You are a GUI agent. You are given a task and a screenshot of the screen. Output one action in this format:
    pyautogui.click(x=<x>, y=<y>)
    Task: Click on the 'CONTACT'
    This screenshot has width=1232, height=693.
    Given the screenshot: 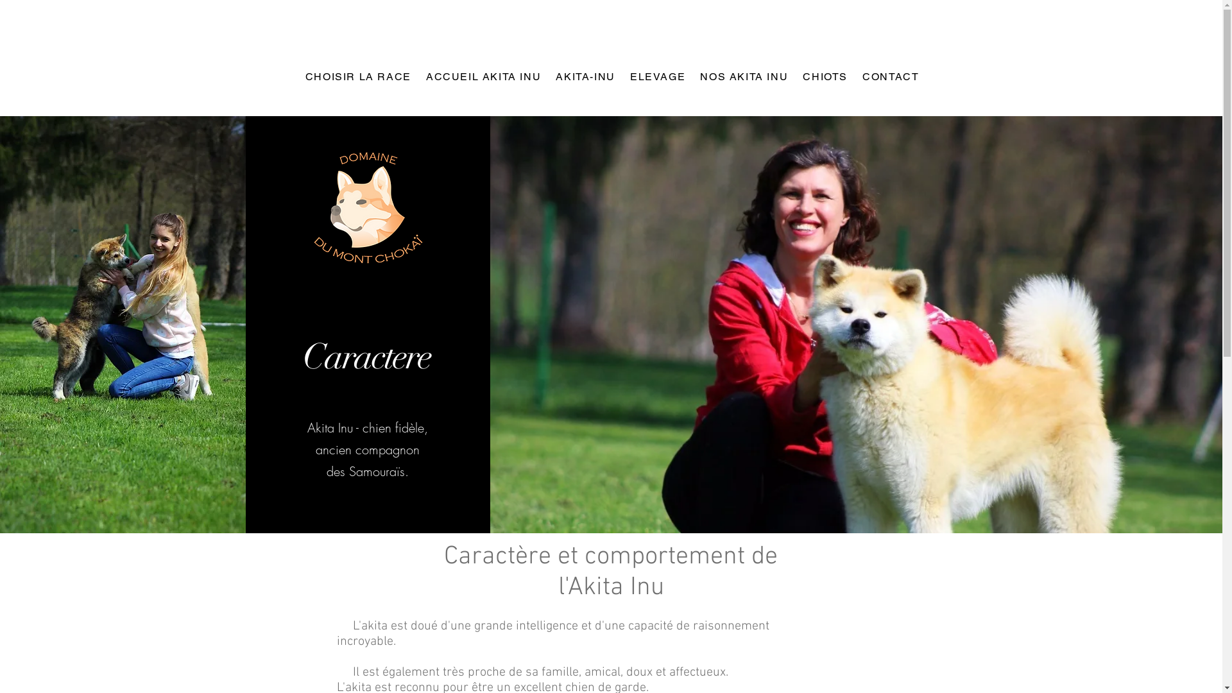 What is the action you would take?
    pyautogui.click(x=889, y=77)
    